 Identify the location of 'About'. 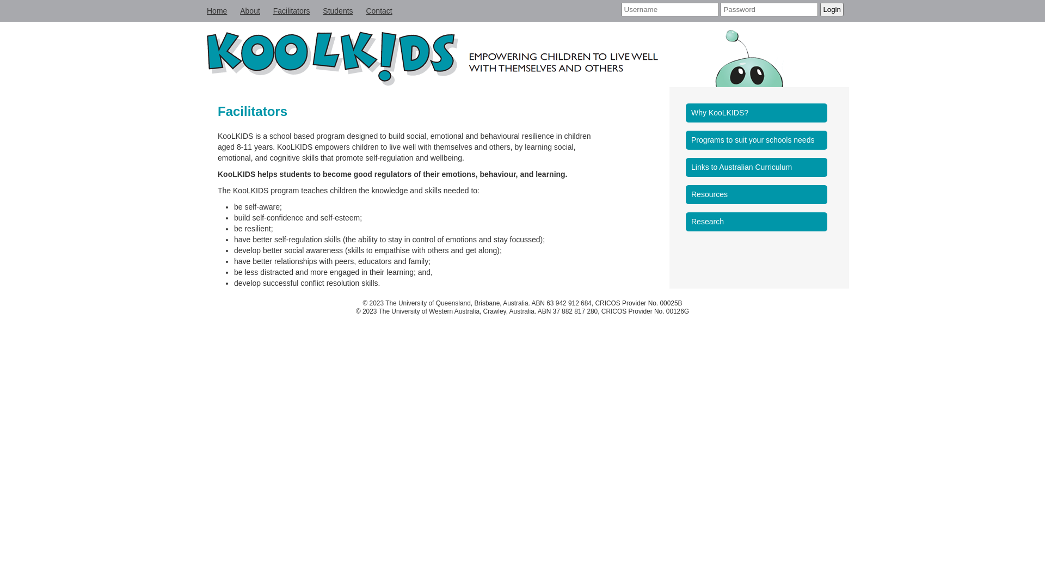
(249, 10).